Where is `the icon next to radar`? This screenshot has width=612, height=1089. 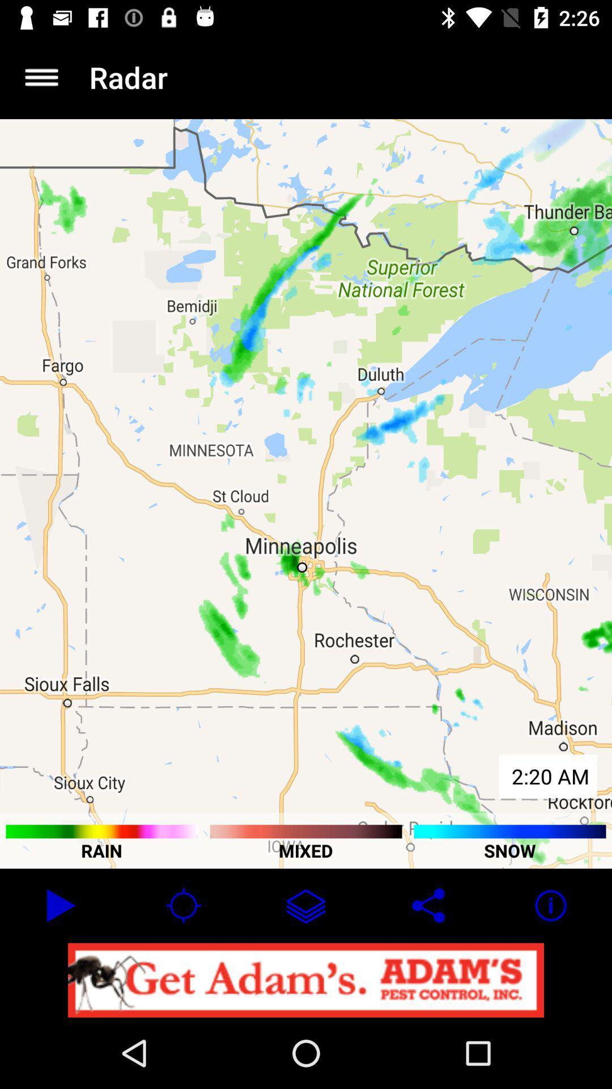
the icon next to radar is located at coordinates (41, 77).